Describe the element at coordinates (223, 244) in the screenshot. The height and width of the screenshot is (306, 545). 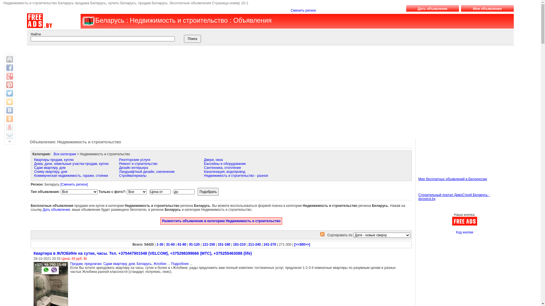
I see `'151-180'` at that location.